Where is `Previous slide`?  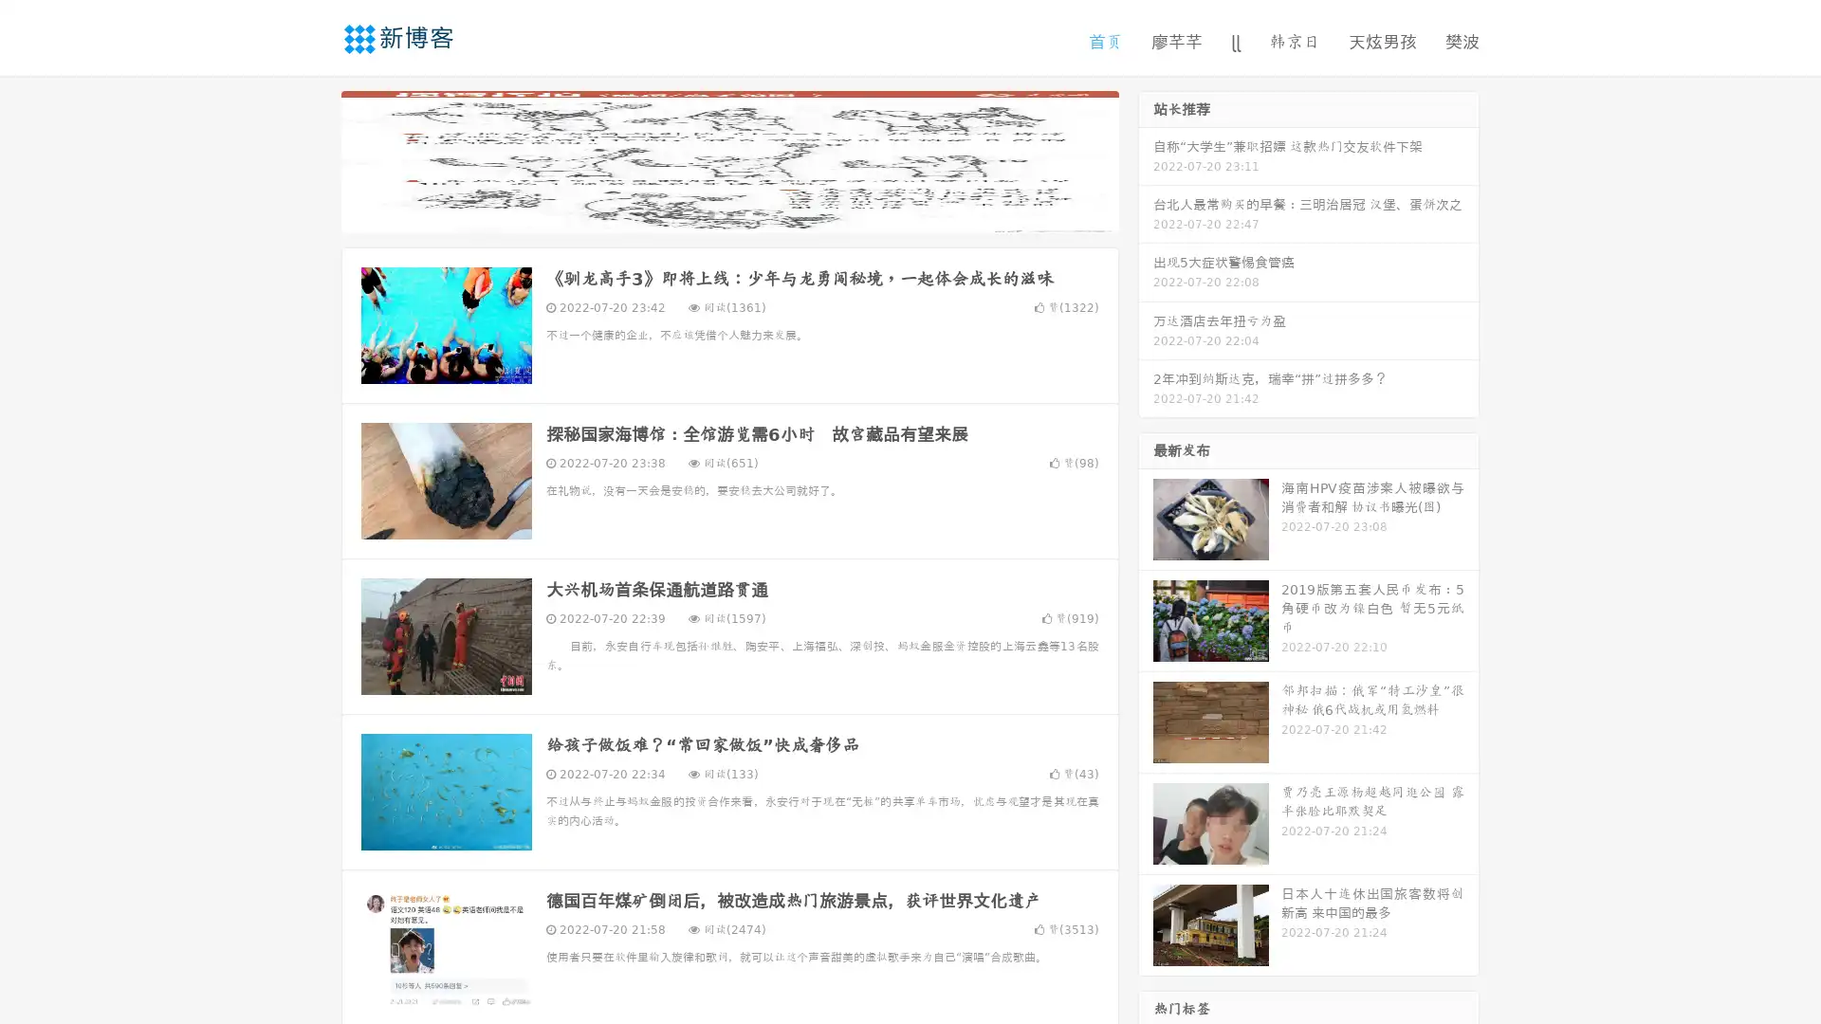 Previous slide is located at coordinates (313, 159).